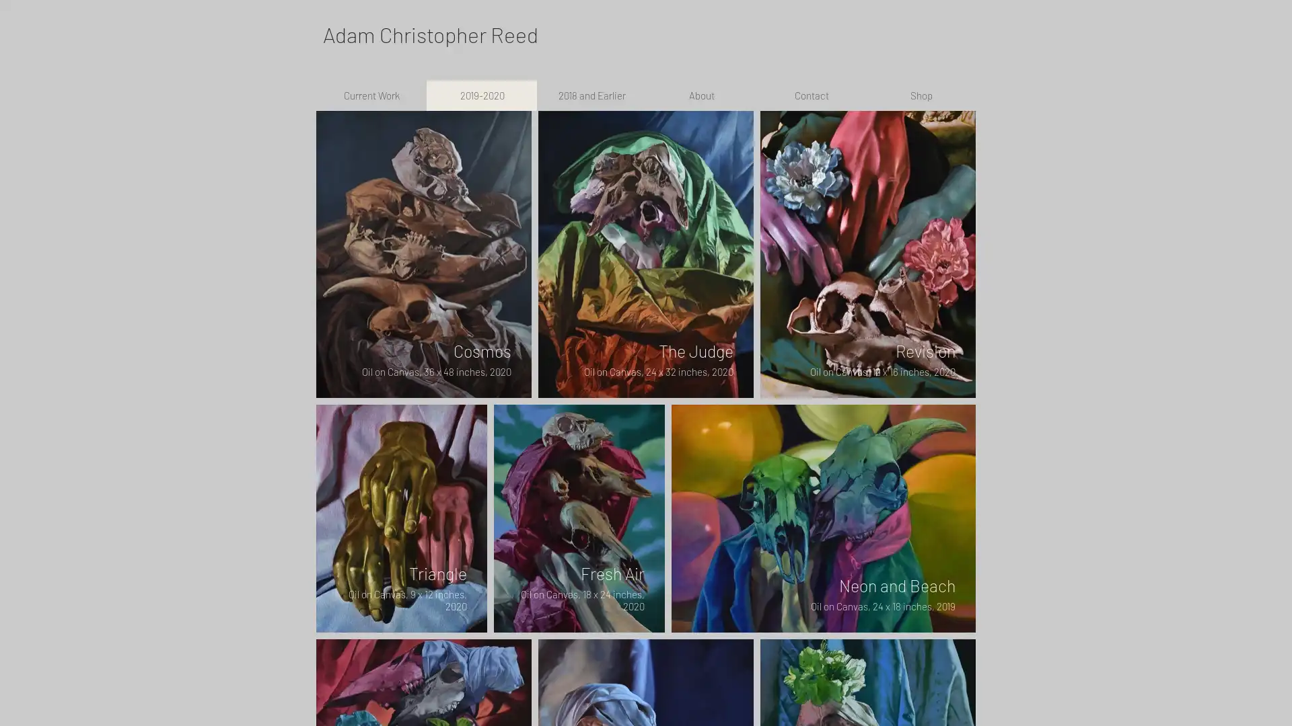  I want to click on Cosmos, so click(423, 254).